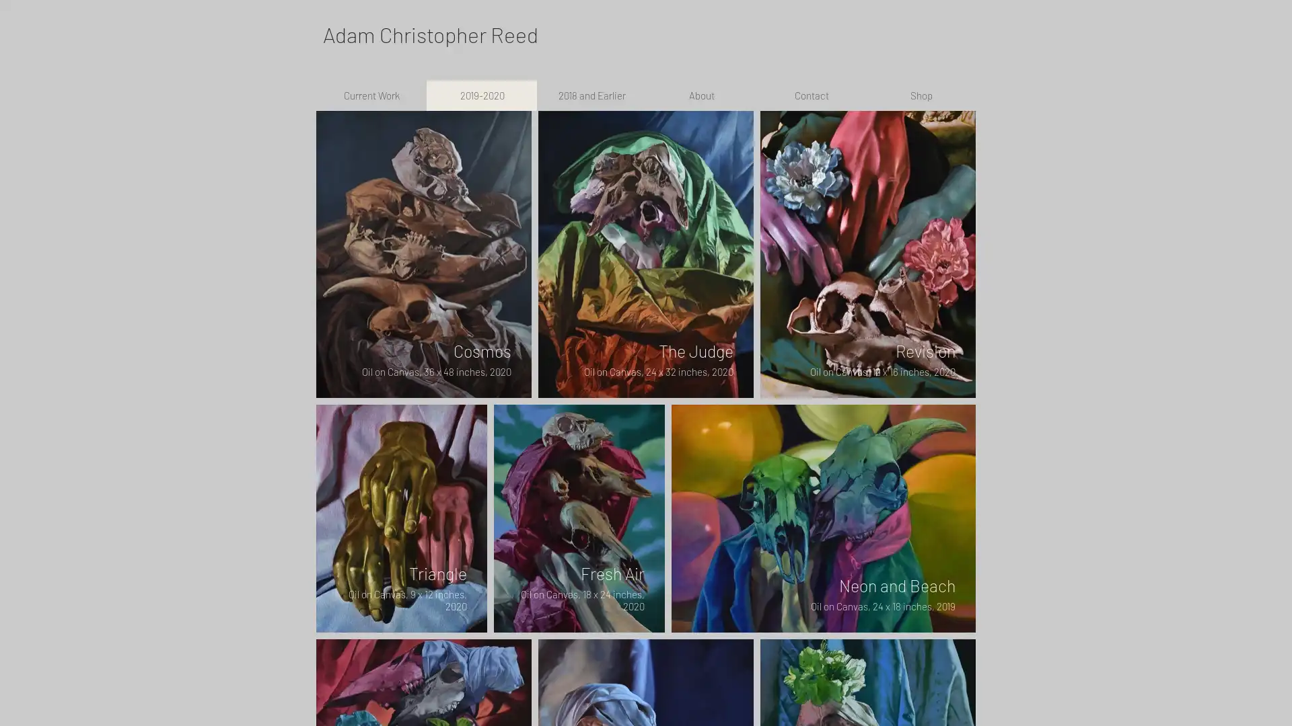  I want to click on Cosmos, so click(423, 254).